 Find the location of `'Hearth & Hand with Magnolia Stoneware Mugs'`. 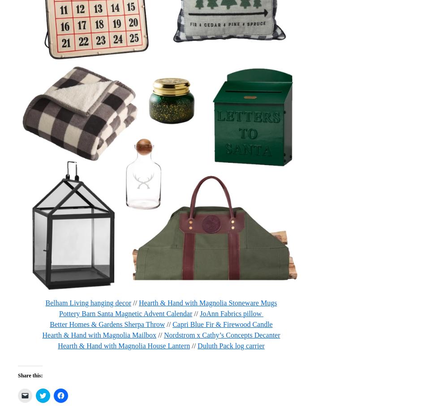

'Hearth & Hand with Magnolia Stoneware Mugs' is located at coordinates (208, 302).